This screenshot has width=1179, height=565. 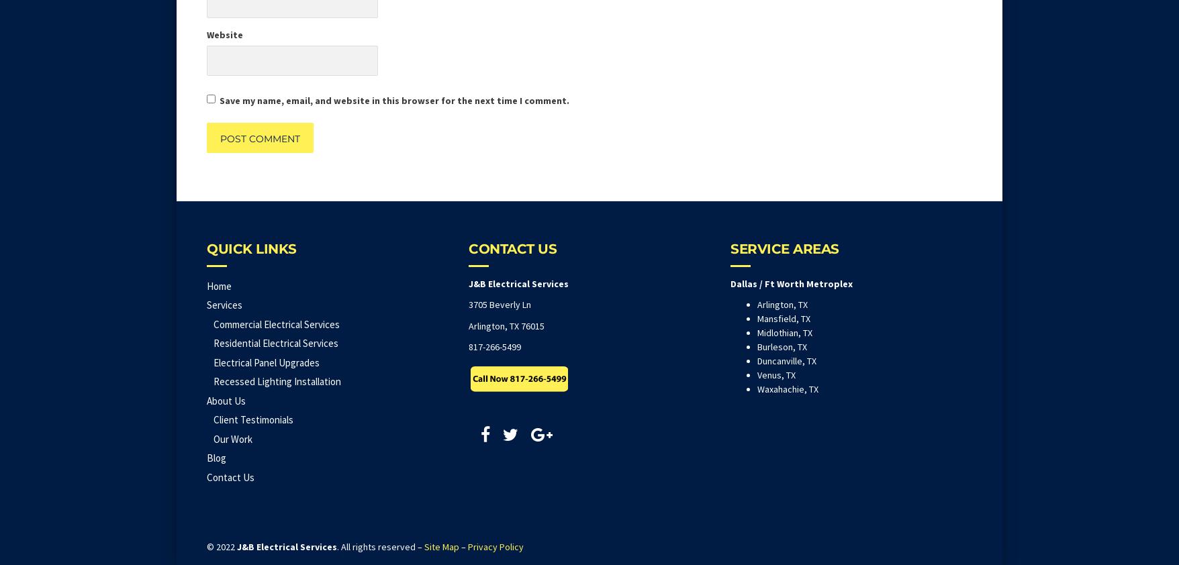 What do you see at coordinates (782, 346) in the screenshot?
I see `'Burleson, TX'` at bounding box center [782, 346].